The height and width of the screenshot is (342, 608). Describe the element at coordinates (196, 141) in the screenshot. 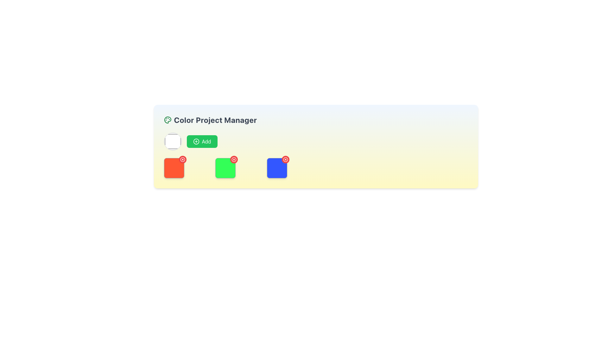

I see `the 'Add' button located below the title 'Color Project Manager', which is accompanied by a decorative icon on its left` at that location.